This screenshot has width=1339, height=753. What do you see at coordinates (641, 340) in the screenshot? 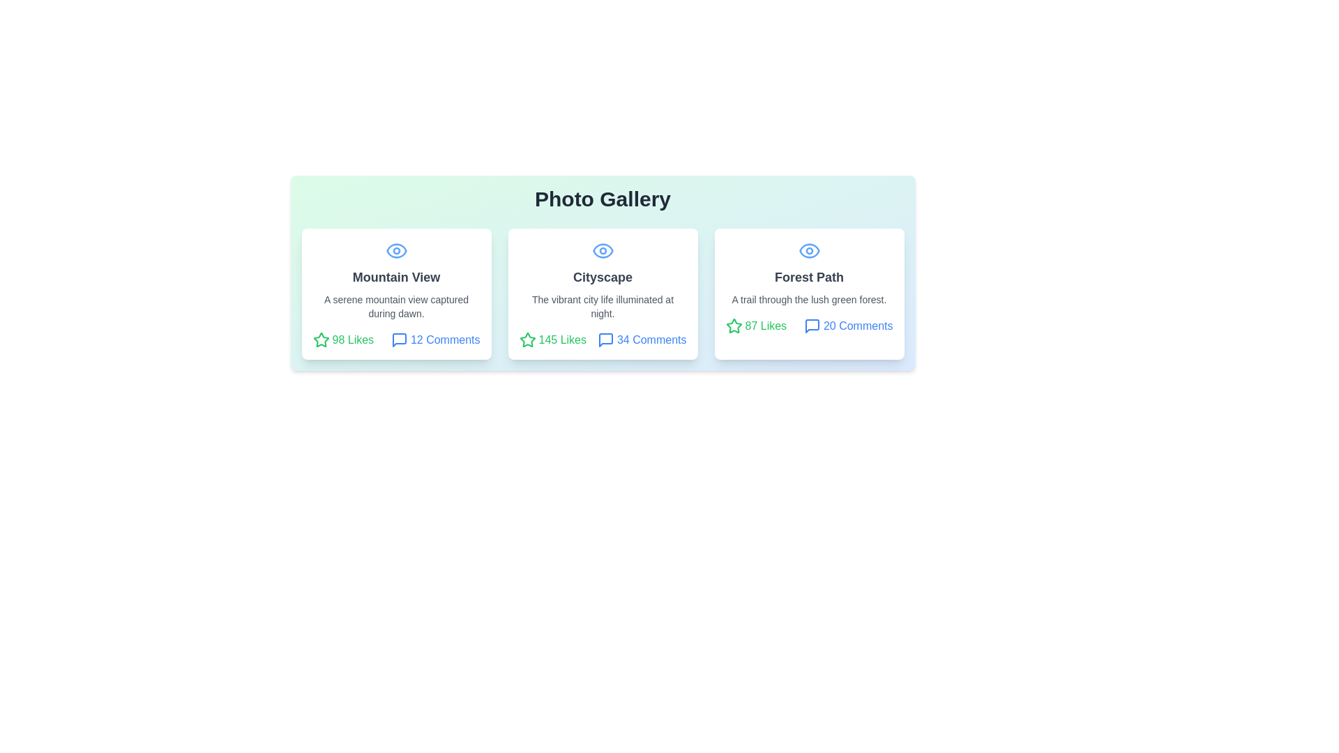
I see `the comments count for the photo titled Cityscape` at bounding box center [641, 340].